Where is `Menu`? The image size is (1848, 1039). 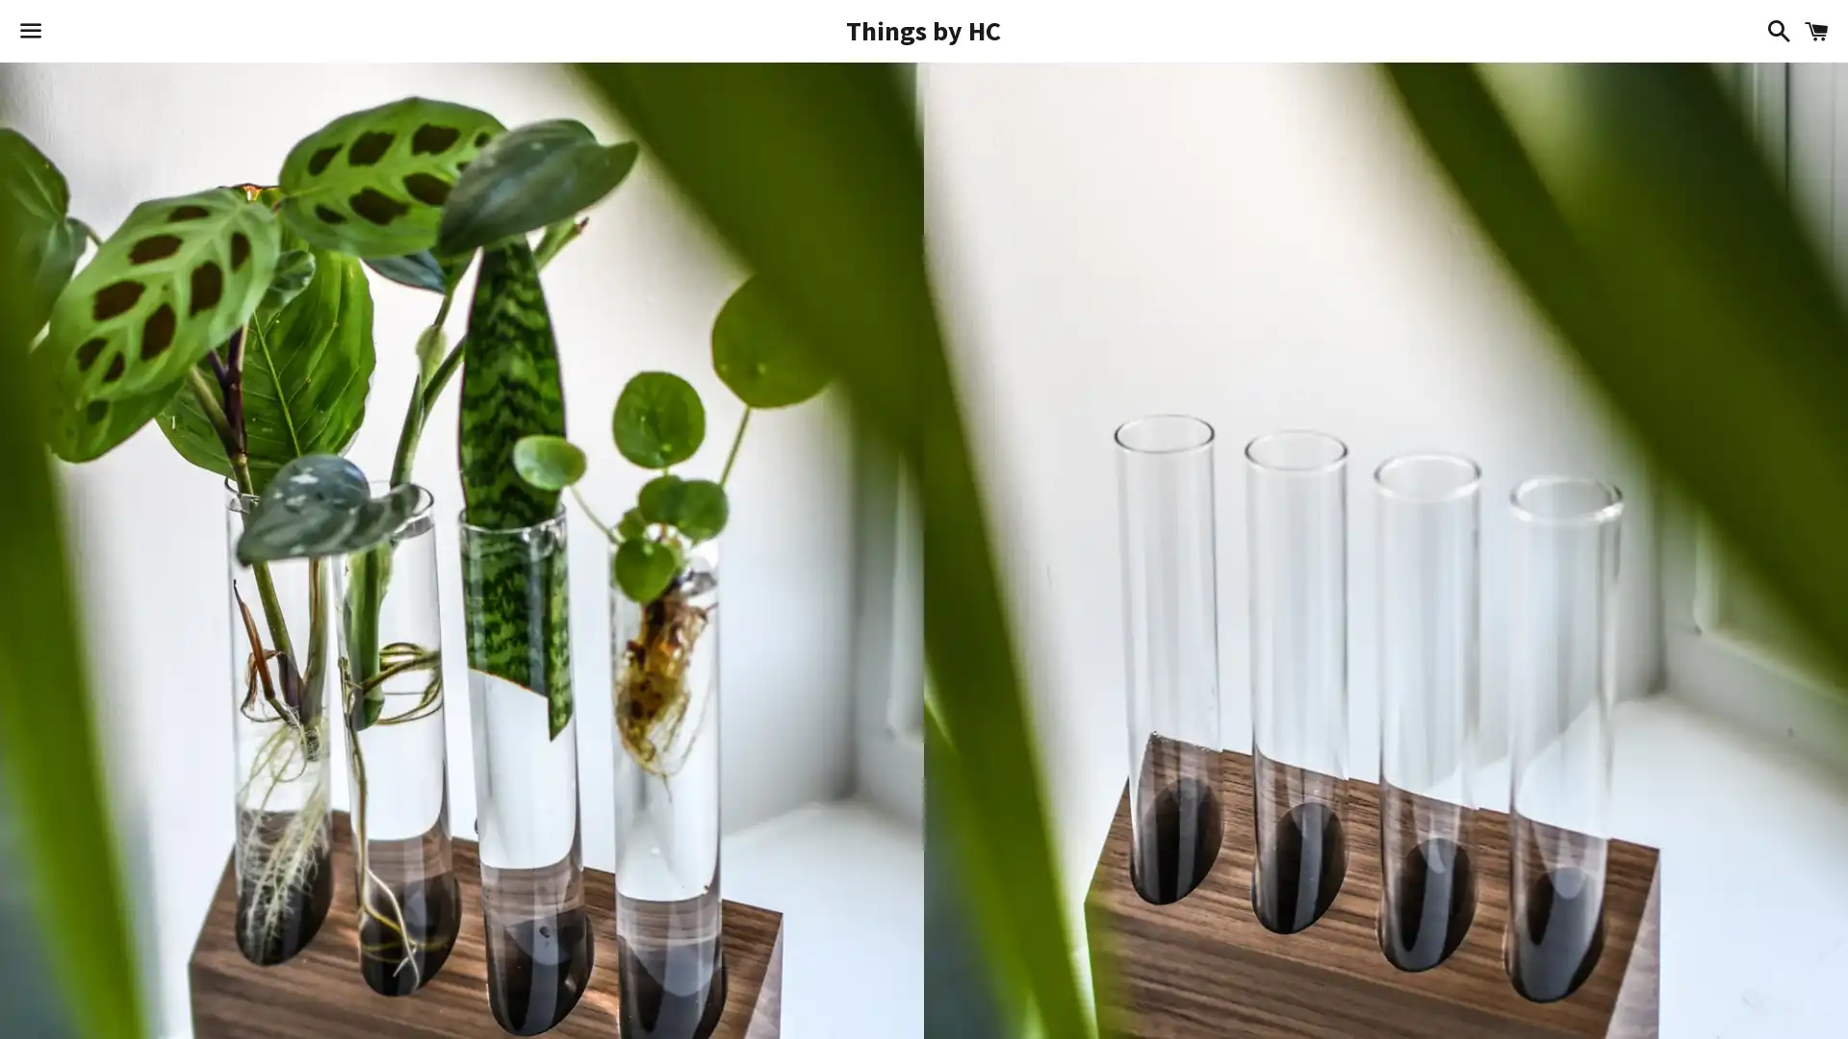
Menu is located at coordinates (31, 30).